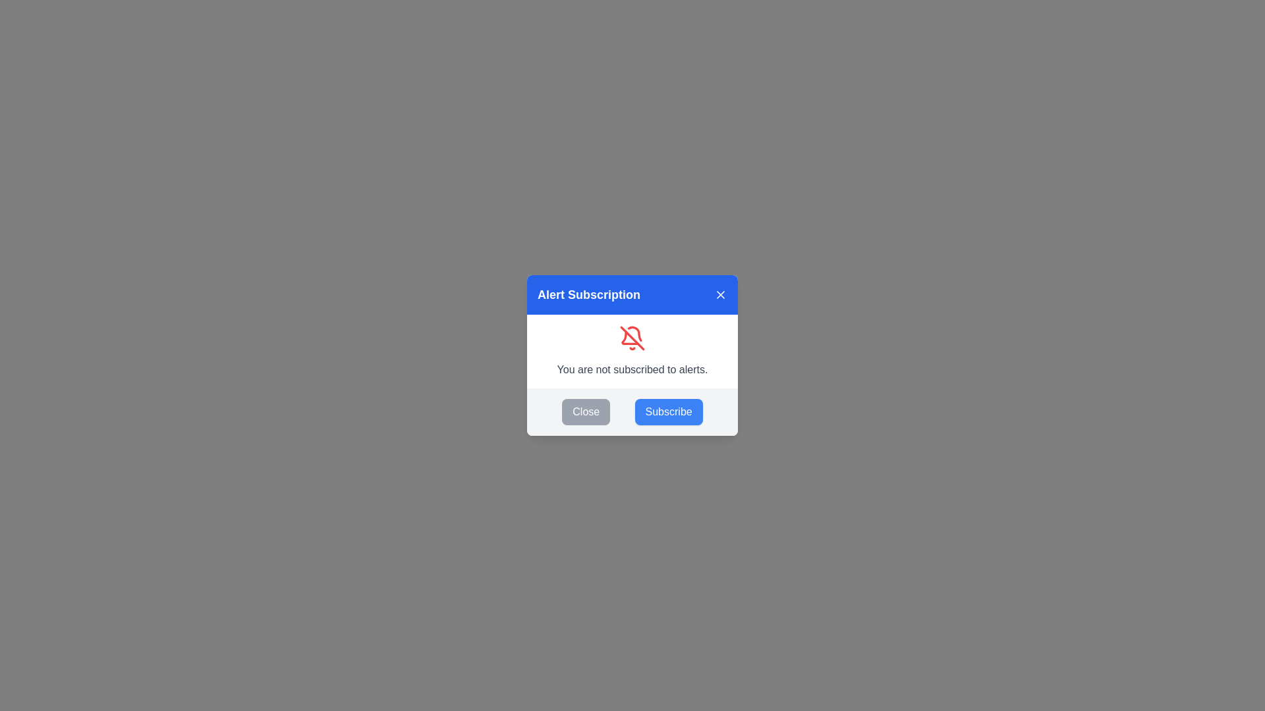 The height and width of the screenshot is (711, 1265). What do you see at coordinates (632, 350) in the screenshot?
I see `the text area displaying the subscription state message` at bounding box center [632, 350].